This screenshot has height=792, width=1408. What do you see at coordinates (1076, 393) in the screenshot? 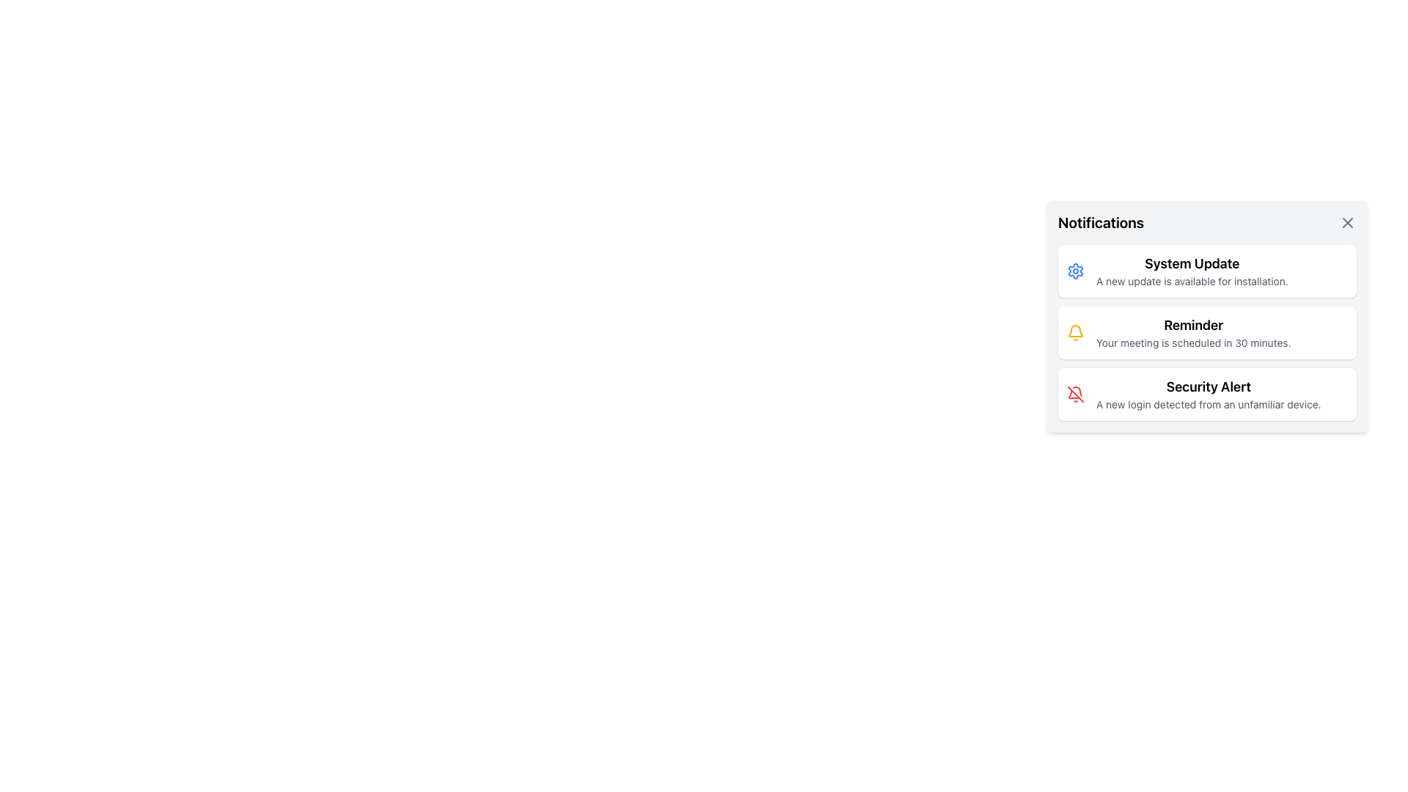
I see `the 'Security Alert' notification icon in the top-left section of the third notification item` at bounding box center [1076, 393].